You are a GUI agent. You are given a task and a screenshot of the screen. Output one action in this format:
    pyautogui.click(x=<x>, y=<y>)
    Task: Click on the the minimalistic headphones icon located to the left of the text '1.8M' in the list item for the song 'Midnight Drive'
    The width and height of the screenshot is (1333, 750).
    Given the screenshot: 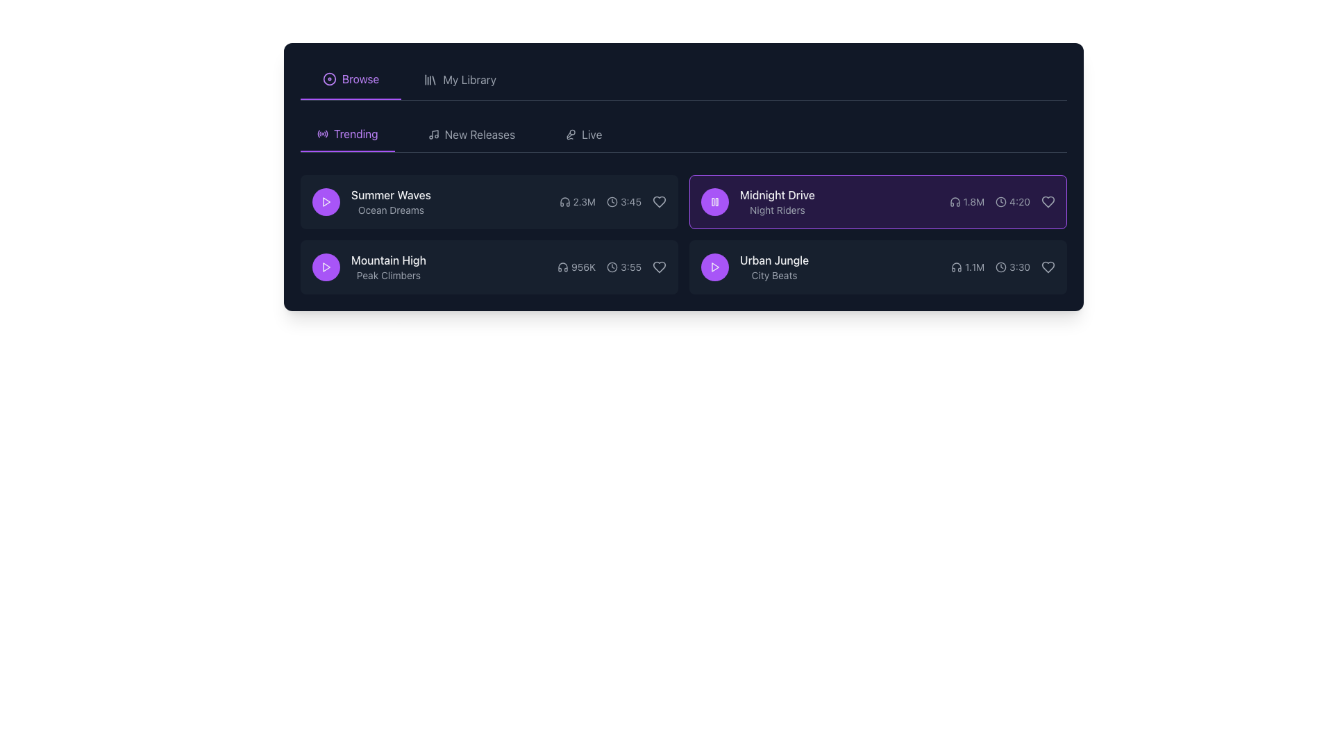 What is the action you would take?
    pyautogui.click(x=954, y=201)
    